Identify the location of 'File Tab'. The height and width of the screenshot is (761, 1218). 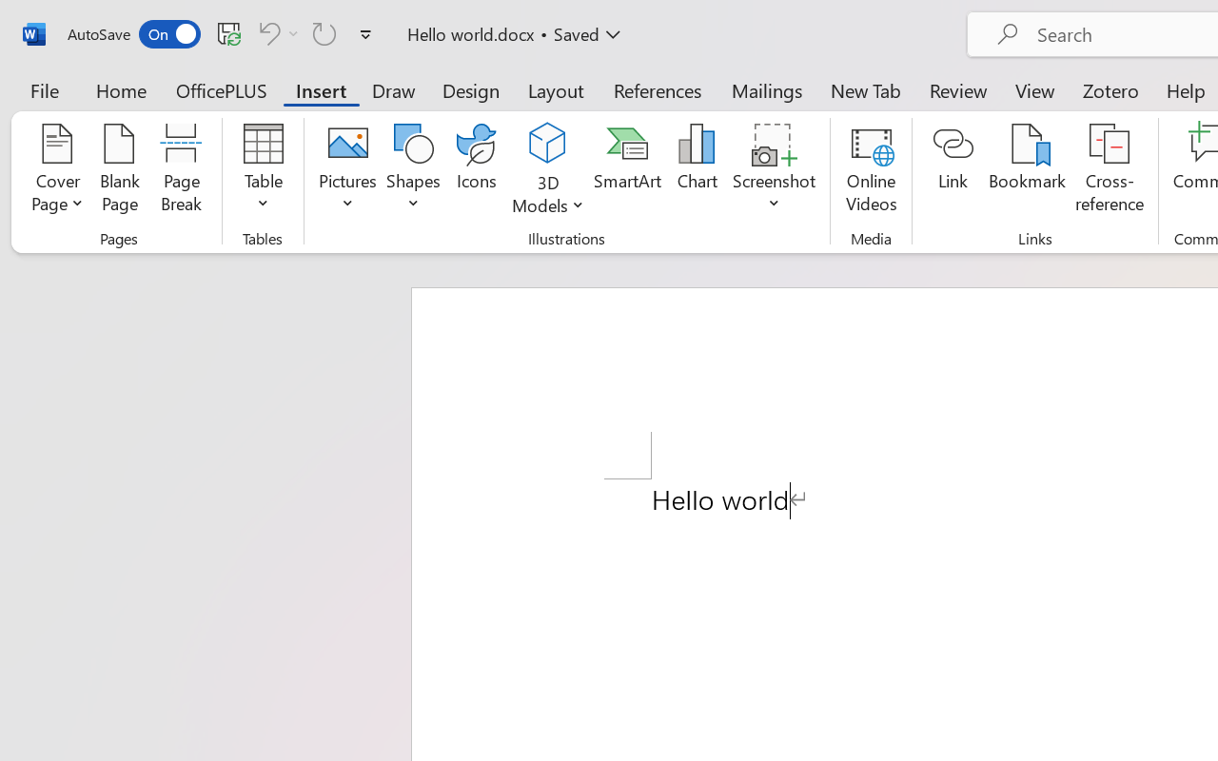
(44, 89).